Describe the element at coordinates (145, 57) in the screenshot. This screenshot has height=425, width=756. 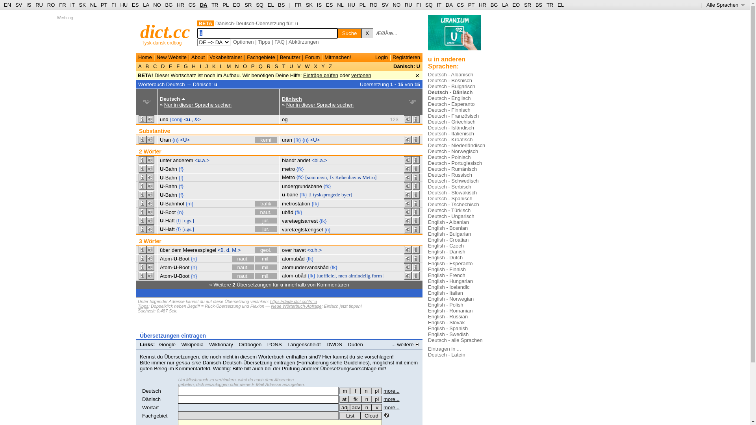
I see `'Home'` at that location.